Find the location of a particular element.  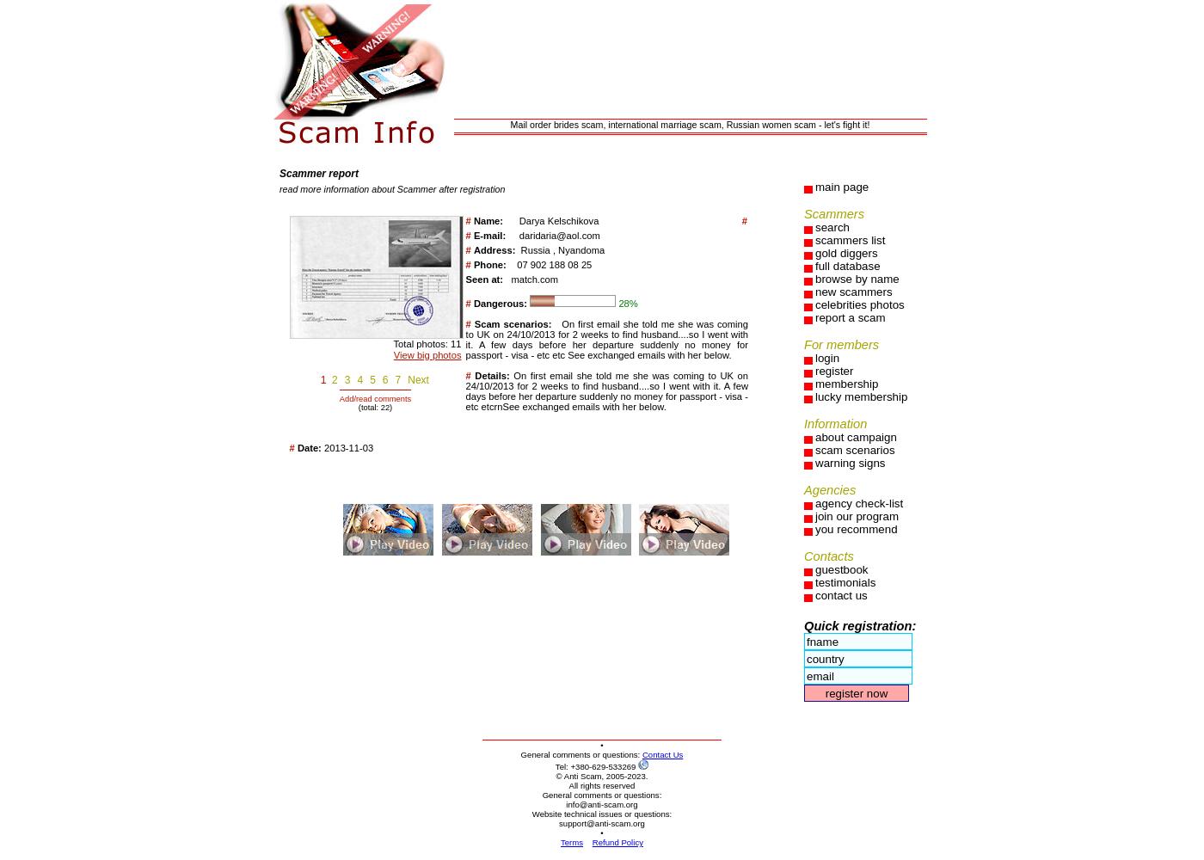

'All rights reserved' is located at coordinates (568, 785).